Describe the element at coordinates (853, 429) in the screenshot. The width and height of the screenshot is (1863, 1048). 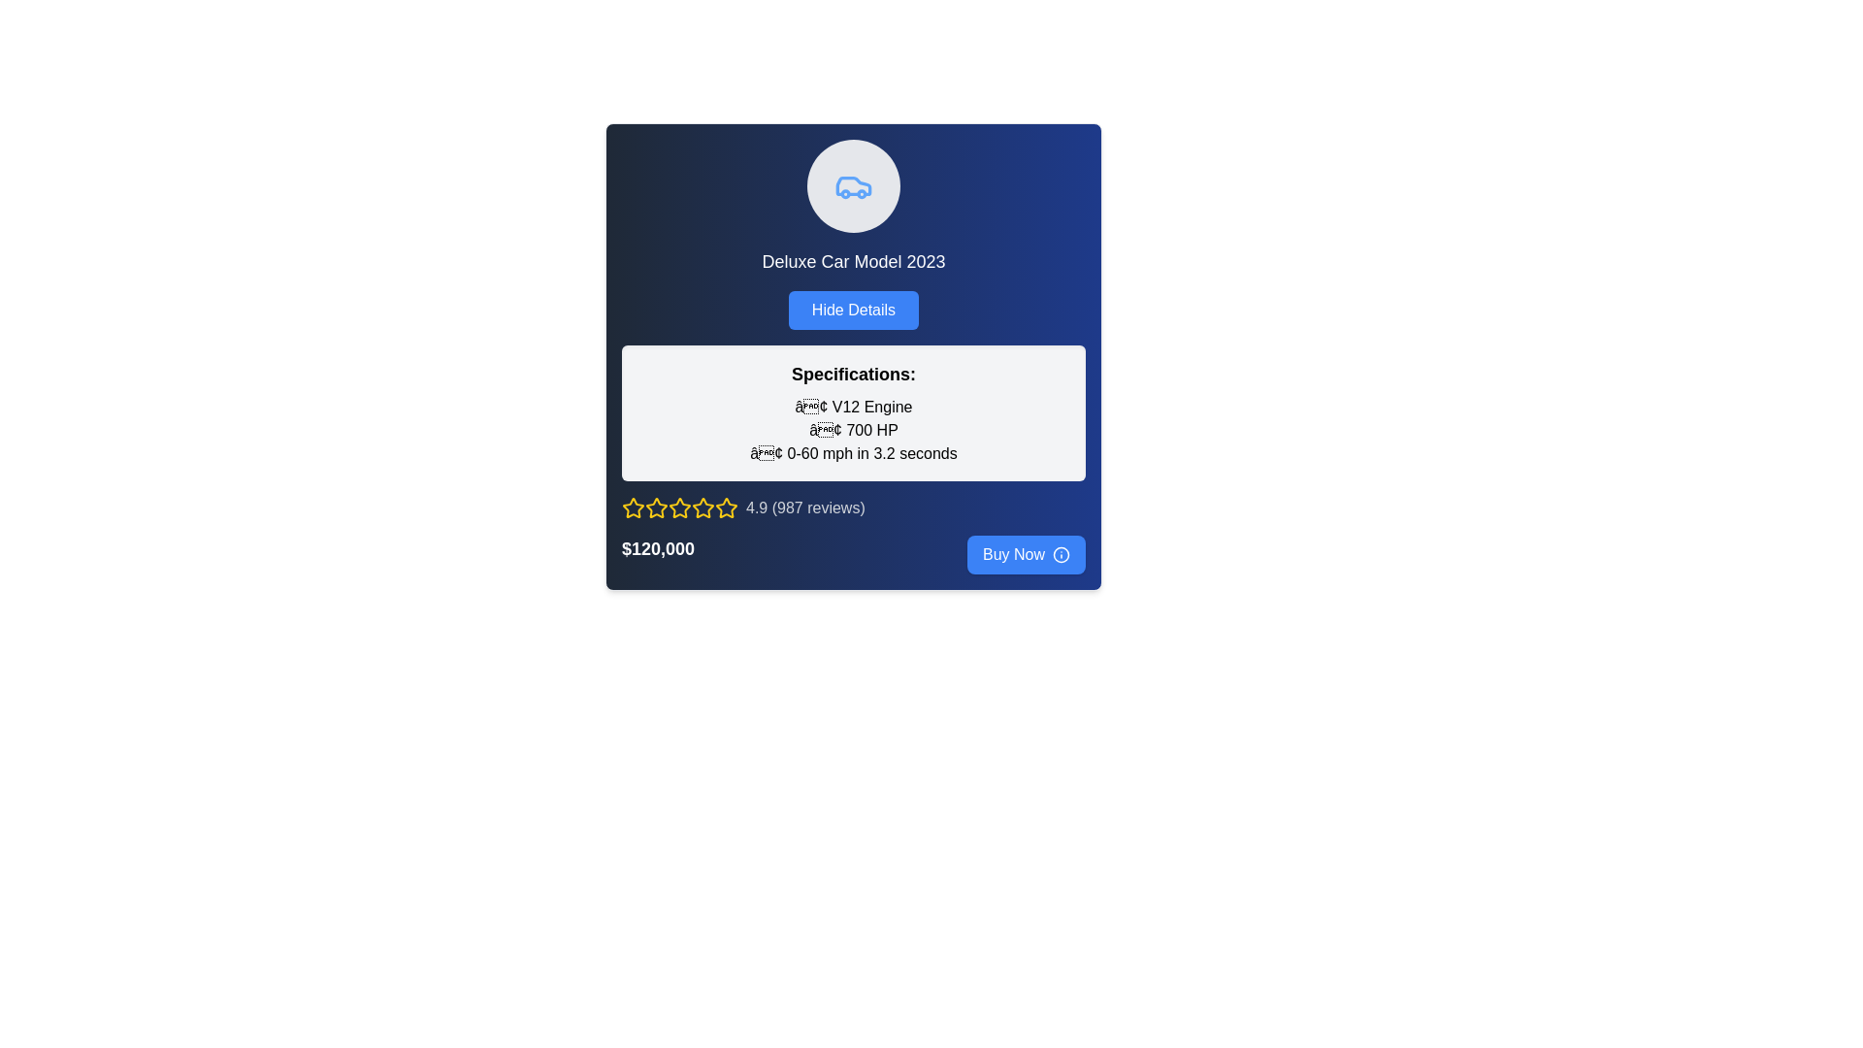
I see `the informational text that provides detailed specifications of the product, located below the 'Specifications:' text` at that location.